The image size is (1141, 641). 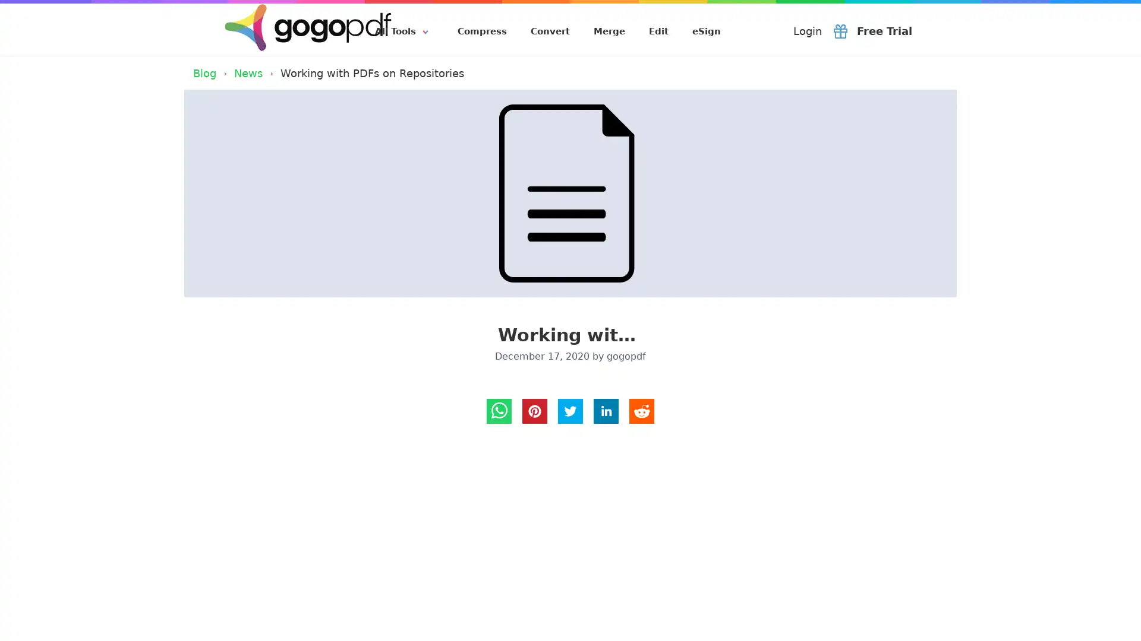 I want to click on whatsapp, so click(x=499, y=411).